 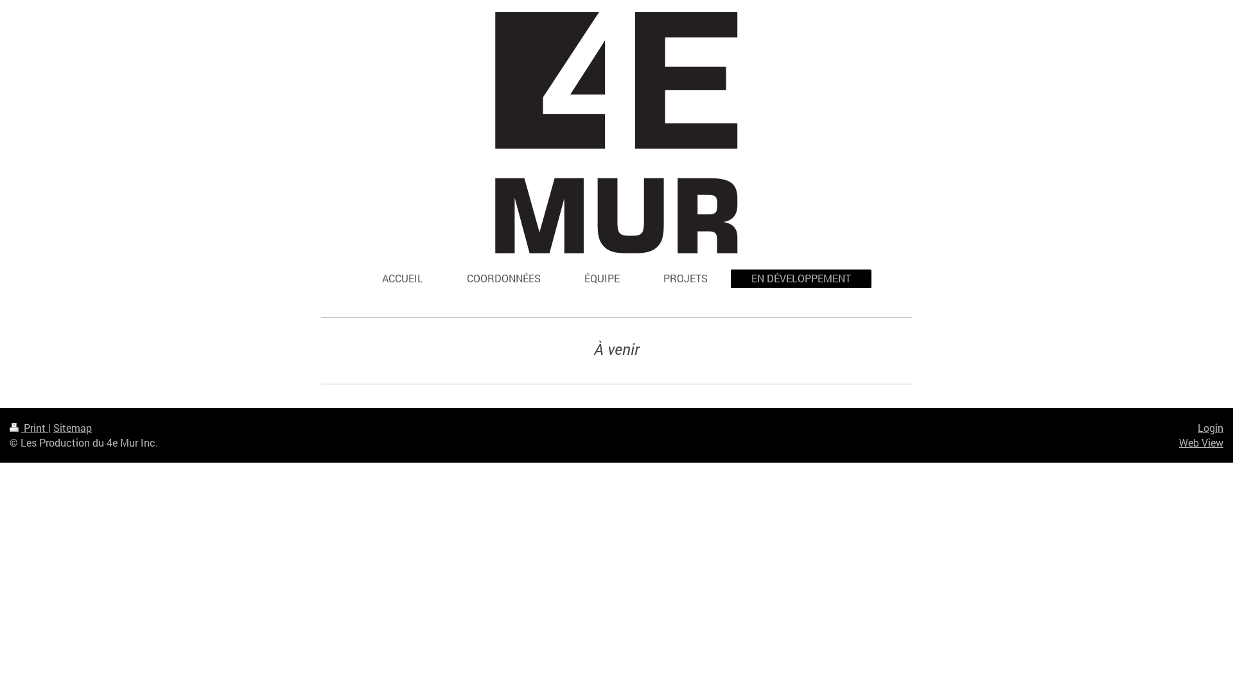 What do you see at coordinates (1200, 441) in the screenshot?
I see `'Web View'` at bounding box center [1200, 441].